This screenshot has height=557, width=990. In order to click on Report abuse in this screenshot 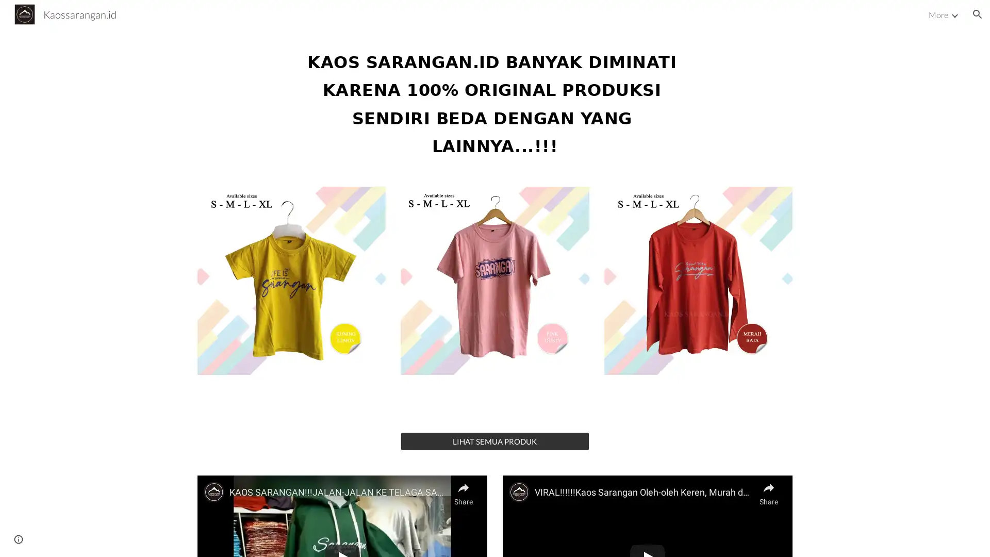, I will do `click(124, 538)`.